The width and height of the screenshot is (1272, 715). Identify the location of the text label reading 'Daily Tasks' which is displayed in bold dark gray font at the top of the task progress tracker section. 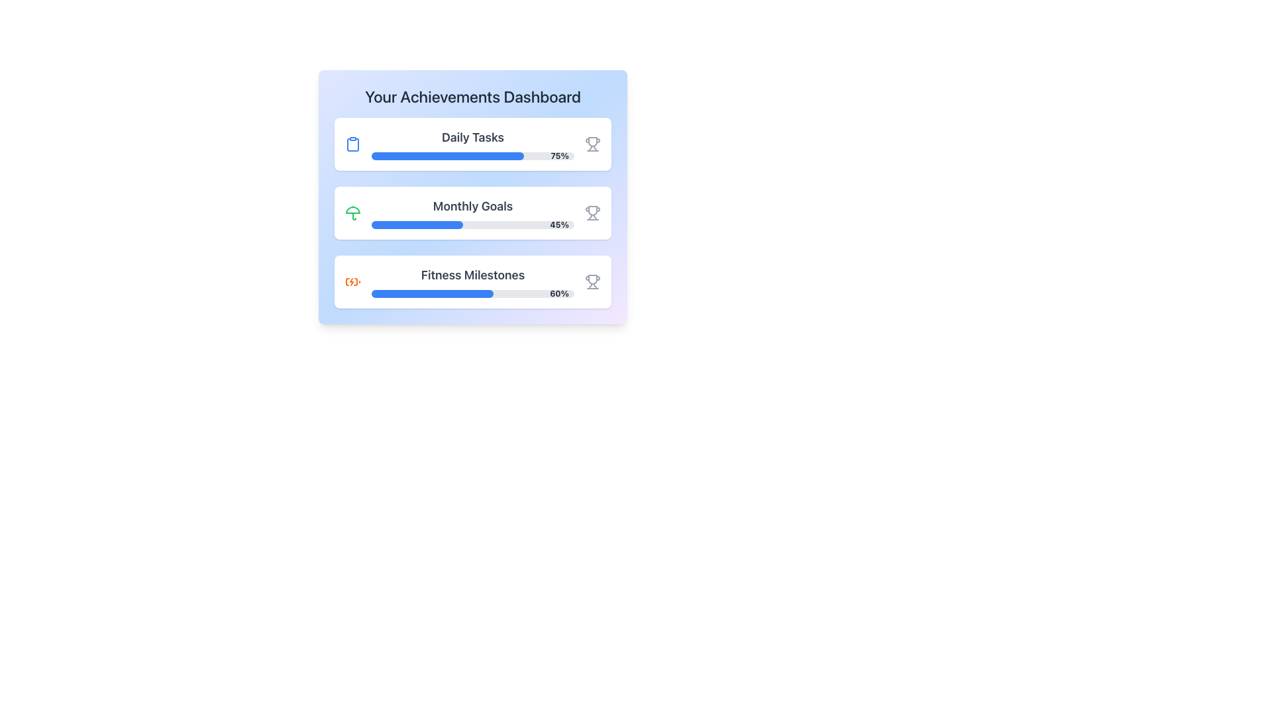
(473, 138).